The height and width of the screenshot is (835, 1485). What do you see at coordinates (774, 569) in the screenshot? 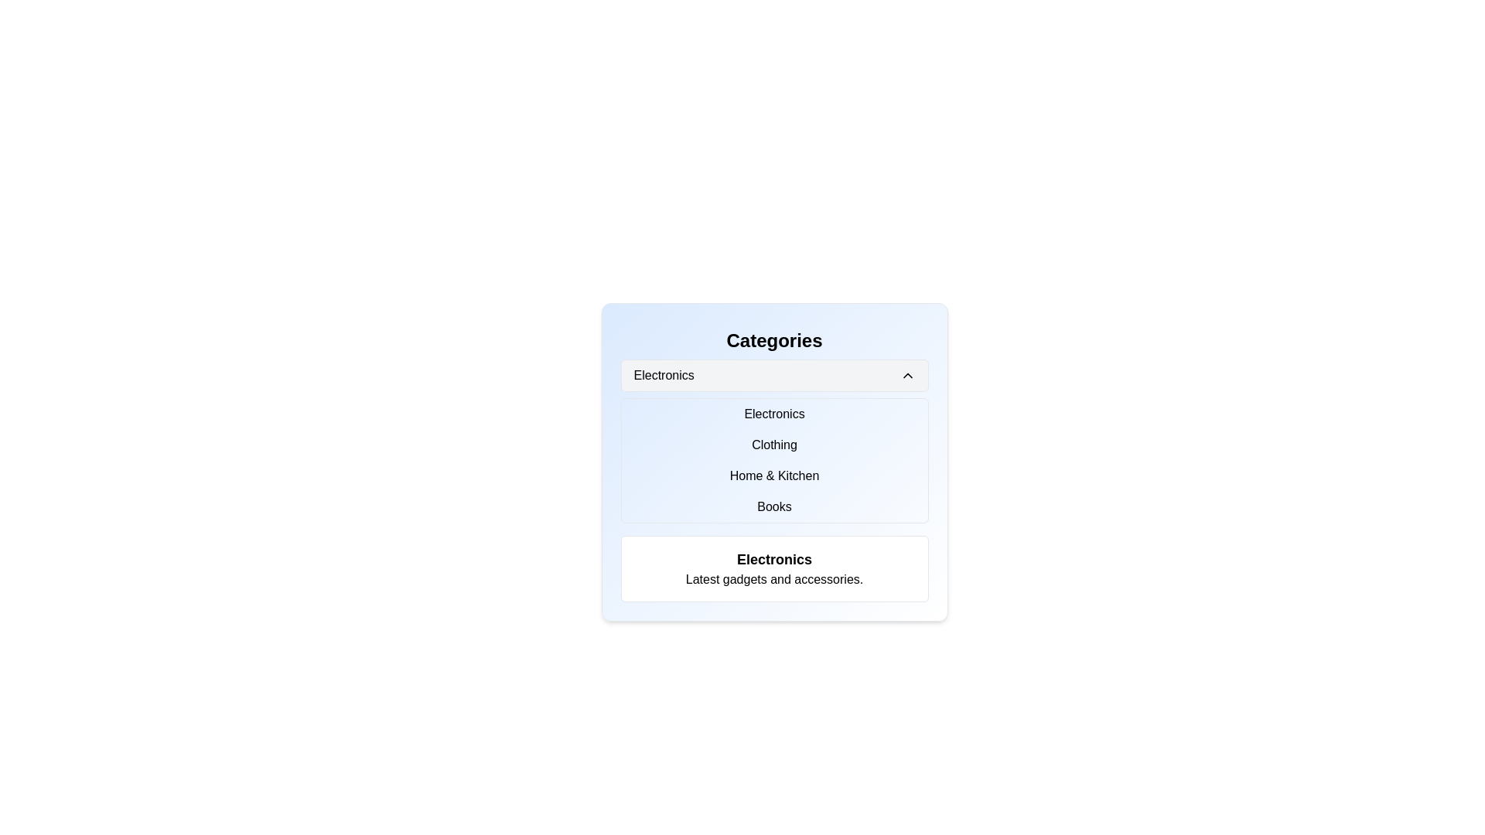
I see `the informational card displaying 'Electronics' with a subtitle 'Latest gadgets and accessories' located at the bottom of the 'Categories' section` at bounding box center [774, 569].